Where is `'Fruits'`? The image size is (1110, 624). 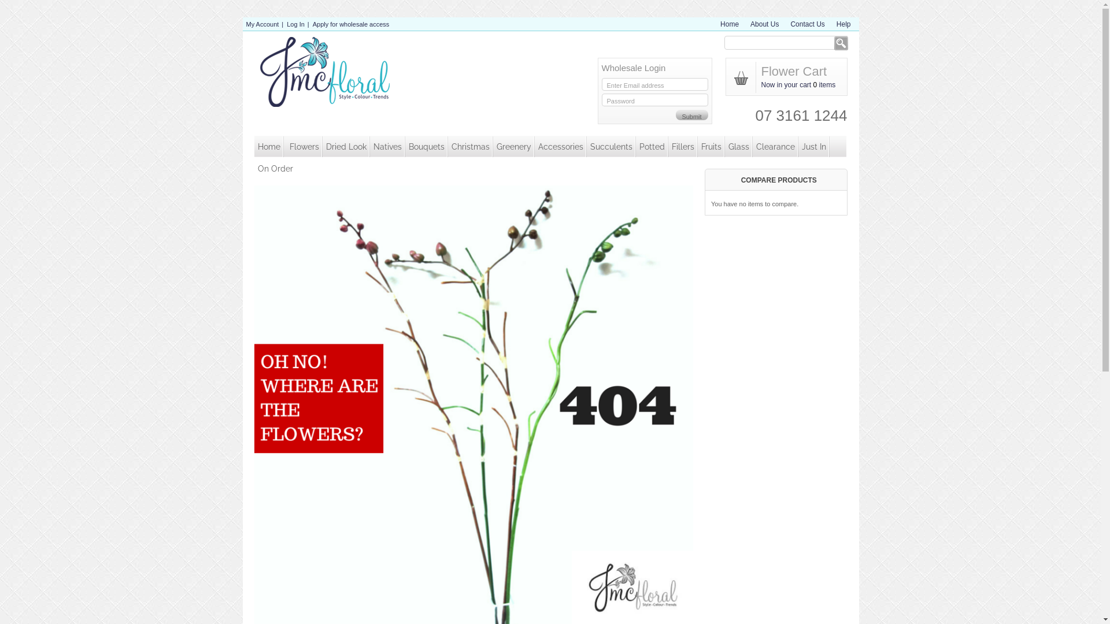 'Fruits' is located at coordinates (710, 146).